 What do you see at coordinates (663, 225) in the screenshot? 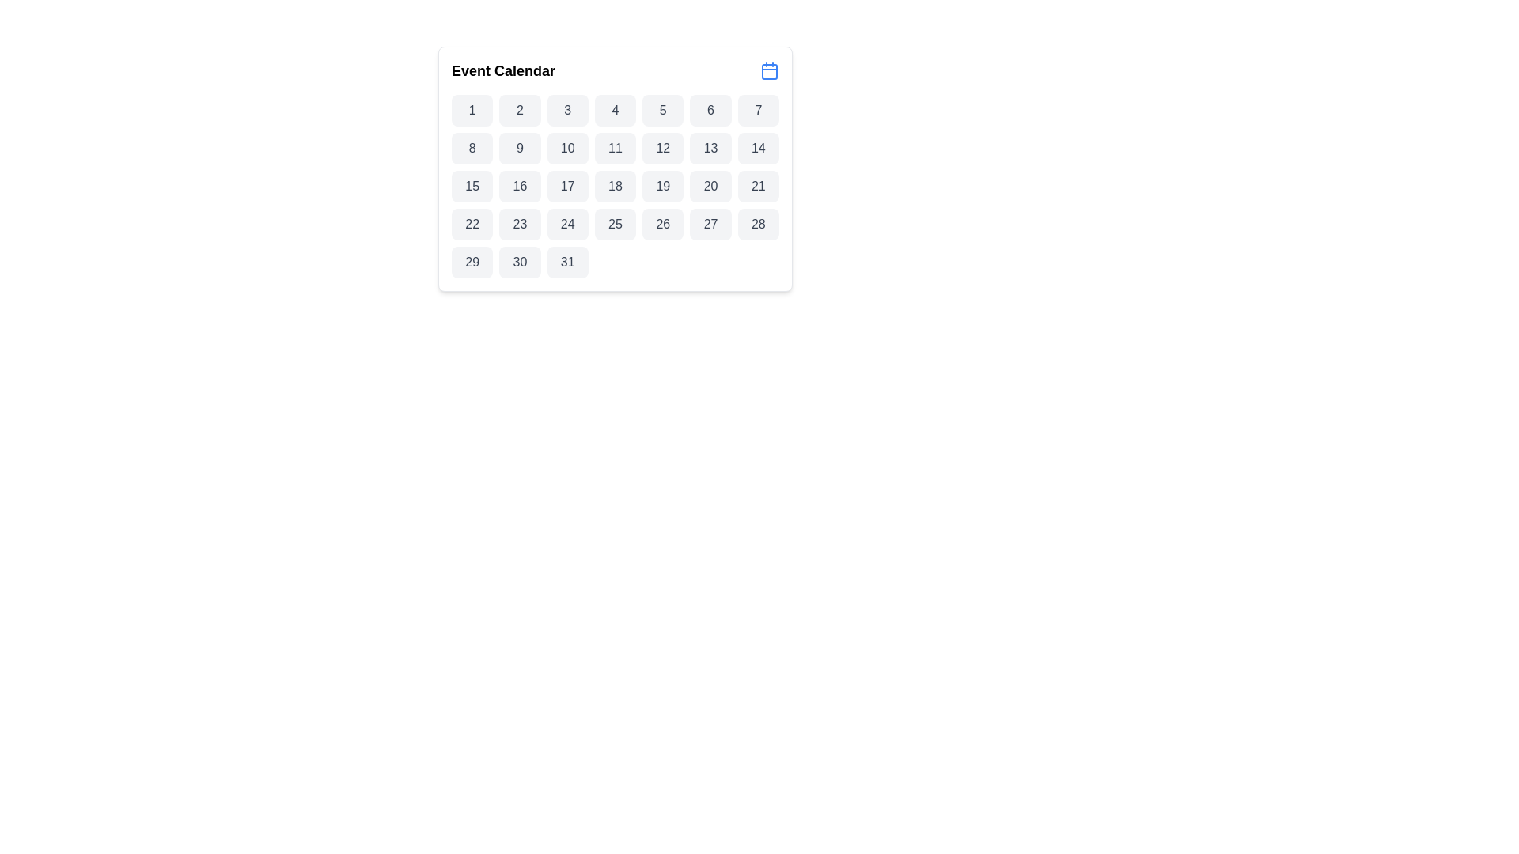
I see `the selectable date button located in the fourth row and fifth column of the calendar grid` at bounding box center [663, 225].